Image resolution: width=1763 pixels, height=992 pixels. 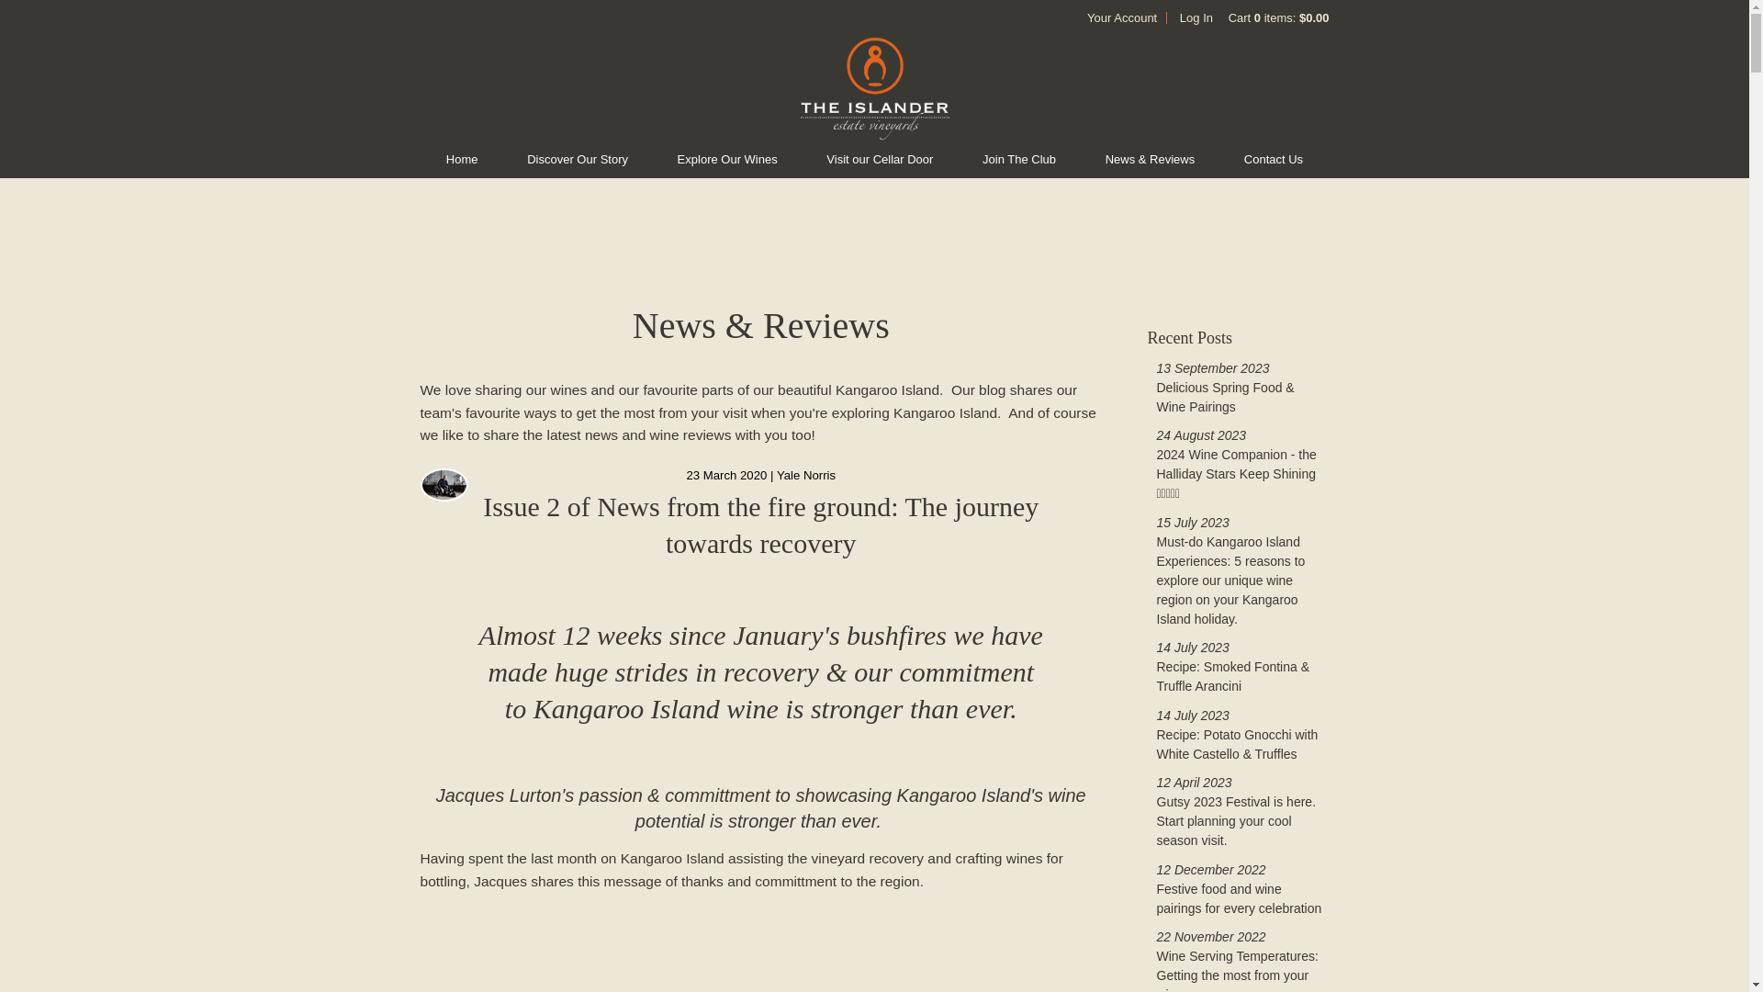 What do you see at coordinates (1238, 744) in the screenshot?
I see `'Recipe: Potato Gnocchi with White Castello & Truffles'` at bounding box center [1238, 744].